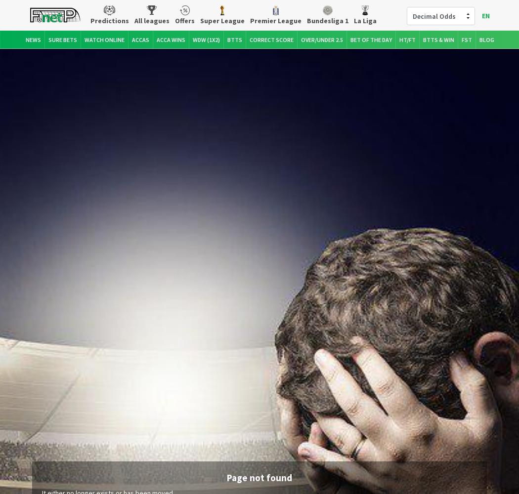  Describe the element at coordinates (371, 39) in the screenshot. I see `'Bet of the Day'` at that location.